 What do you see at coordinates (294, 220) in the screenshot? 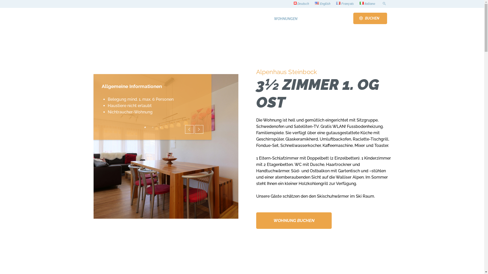
I see `'WOHNUNG BUCHEN'` at bounding box center [294, 220].